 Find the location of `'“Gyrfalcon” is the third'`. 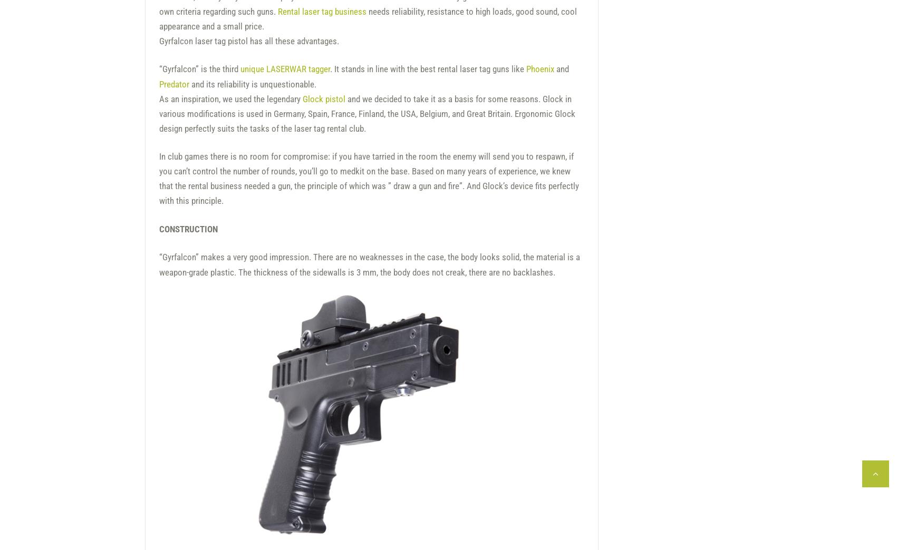

'“Gyrfalcon” is the third' is located at coordinates (199, 68).